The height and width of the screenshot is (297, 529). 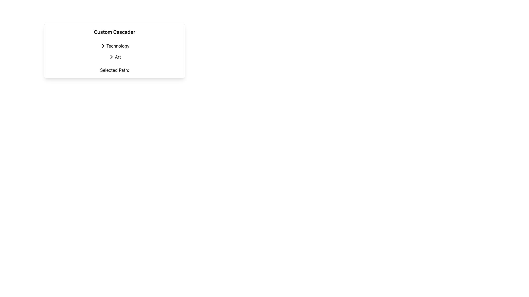 I want to click on the second clickable list item labeled 'Art', so click(x=114, y=57).